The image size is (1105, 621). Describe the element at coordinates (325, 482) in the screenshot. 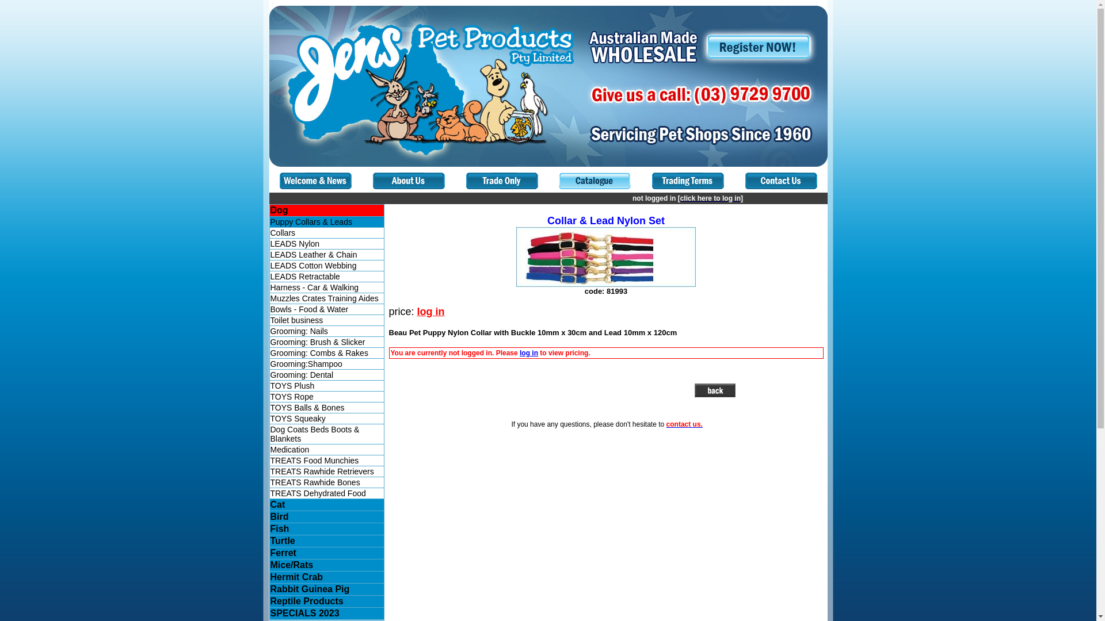

I see `'TREATS Rawhide Bones'` at that location.